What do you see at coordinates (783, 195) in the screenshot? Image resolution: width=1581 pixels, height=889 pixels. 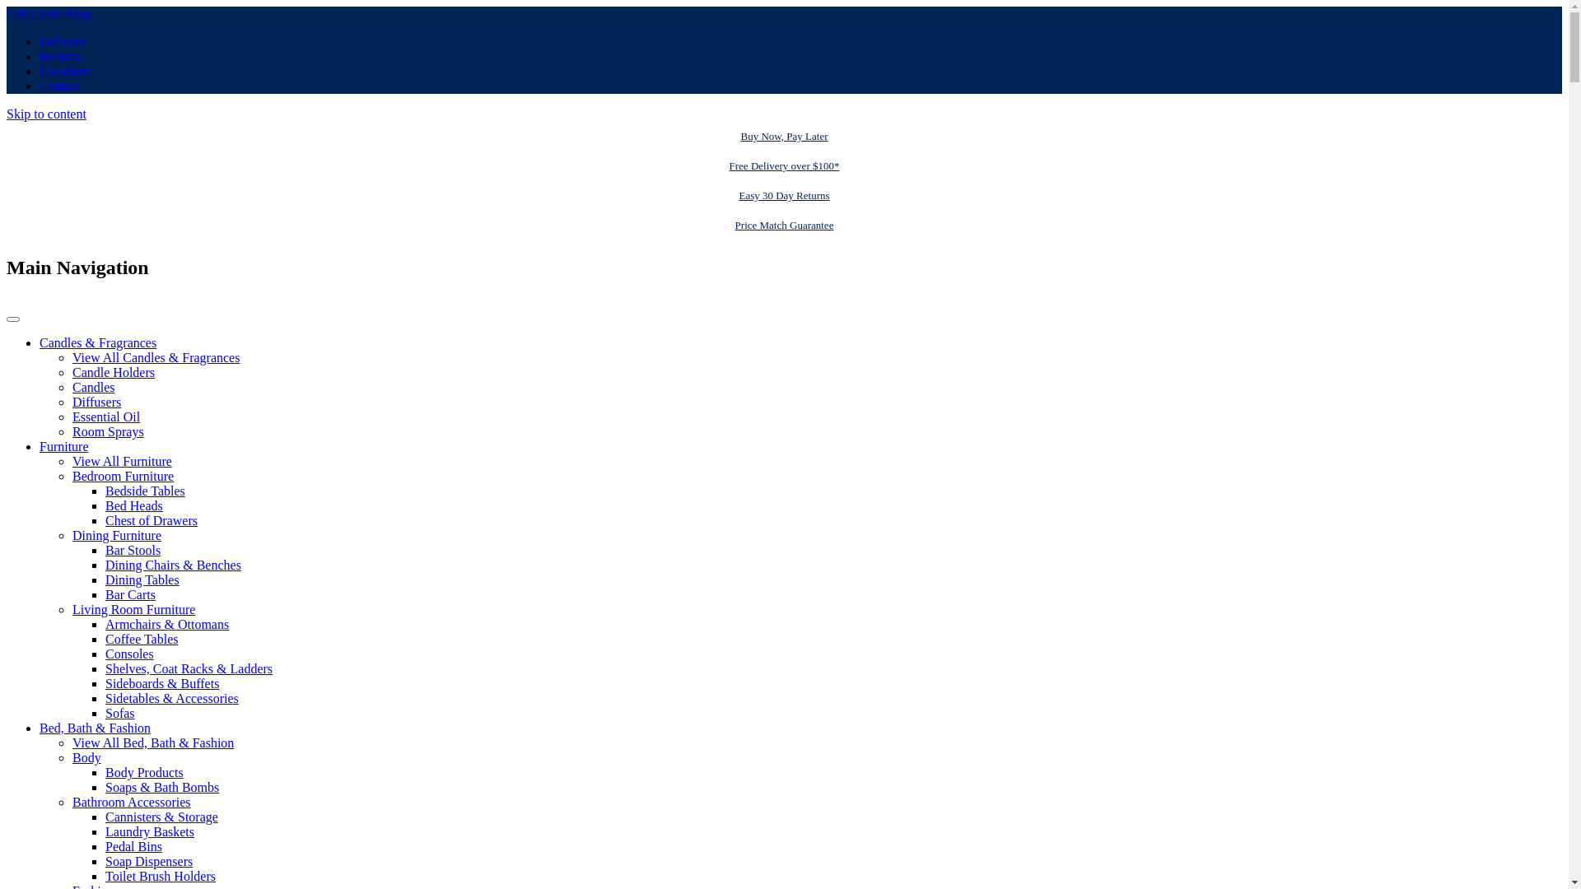 I see `'Easy 30 Day Returns'` at bounding box center [783, 195].